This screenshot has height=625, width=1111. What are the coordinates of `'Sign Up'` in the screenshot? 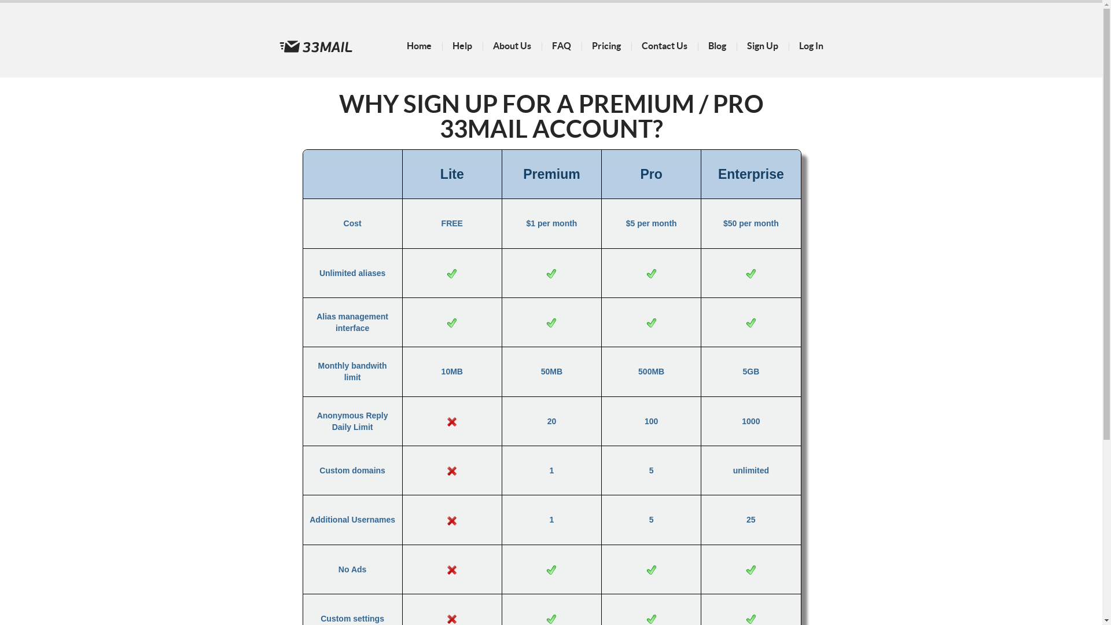 It's located at (761, 45).